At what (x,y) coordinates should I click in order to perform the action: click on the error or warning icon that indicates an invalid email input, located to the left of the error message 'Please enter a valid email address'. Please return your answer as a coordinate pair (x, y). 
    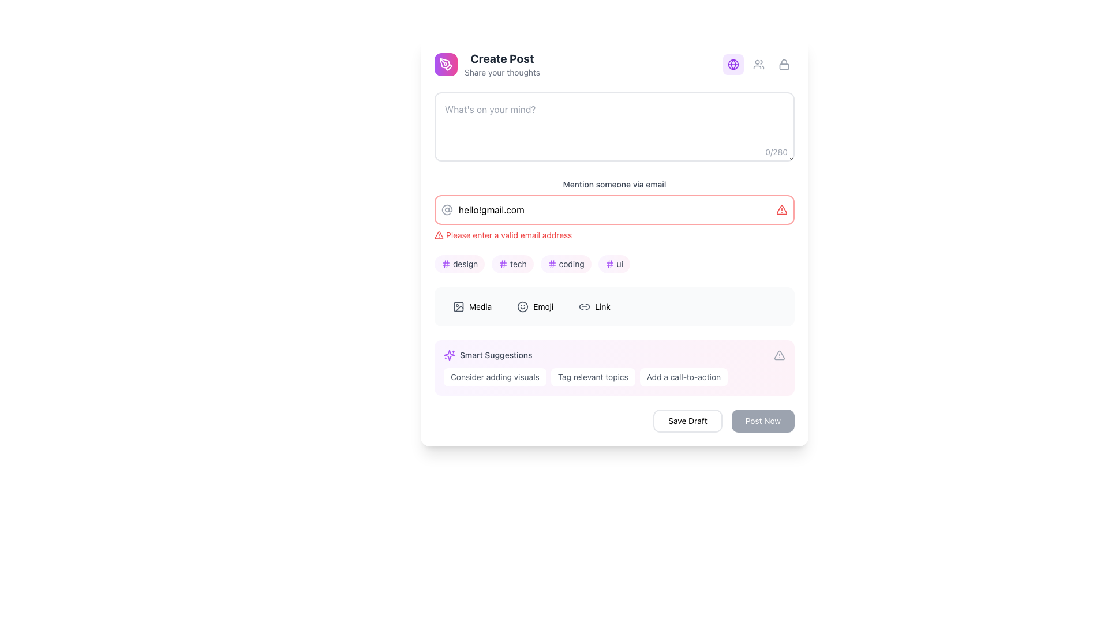
    Looking at the image, I should click on (439, 235).